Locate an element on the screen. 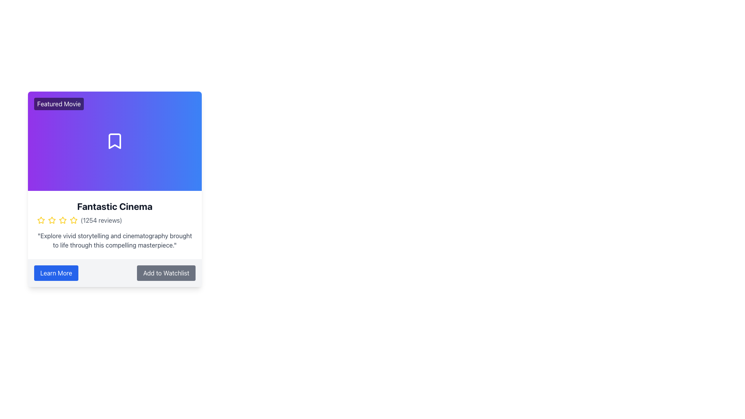 The height and width of the screenshot is (419, 745). the 'Add to Watchlist' button located at the lower right corner of the card-like section is located at coordinates (166, 273).